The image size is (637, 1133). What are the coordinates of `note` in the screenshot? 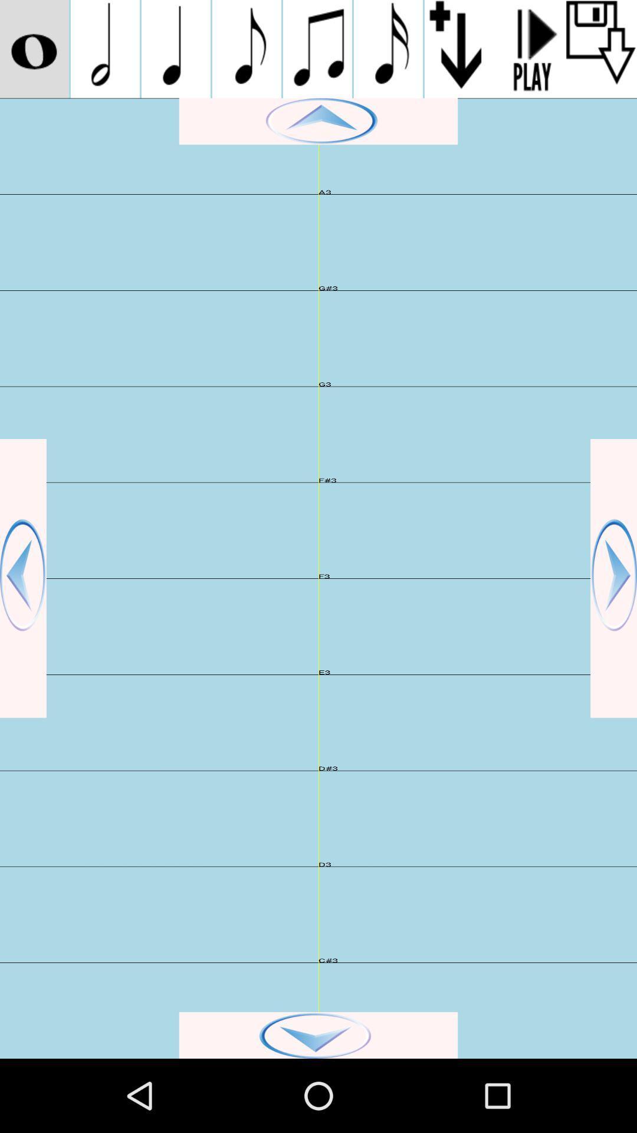 It's located at (104, 48).